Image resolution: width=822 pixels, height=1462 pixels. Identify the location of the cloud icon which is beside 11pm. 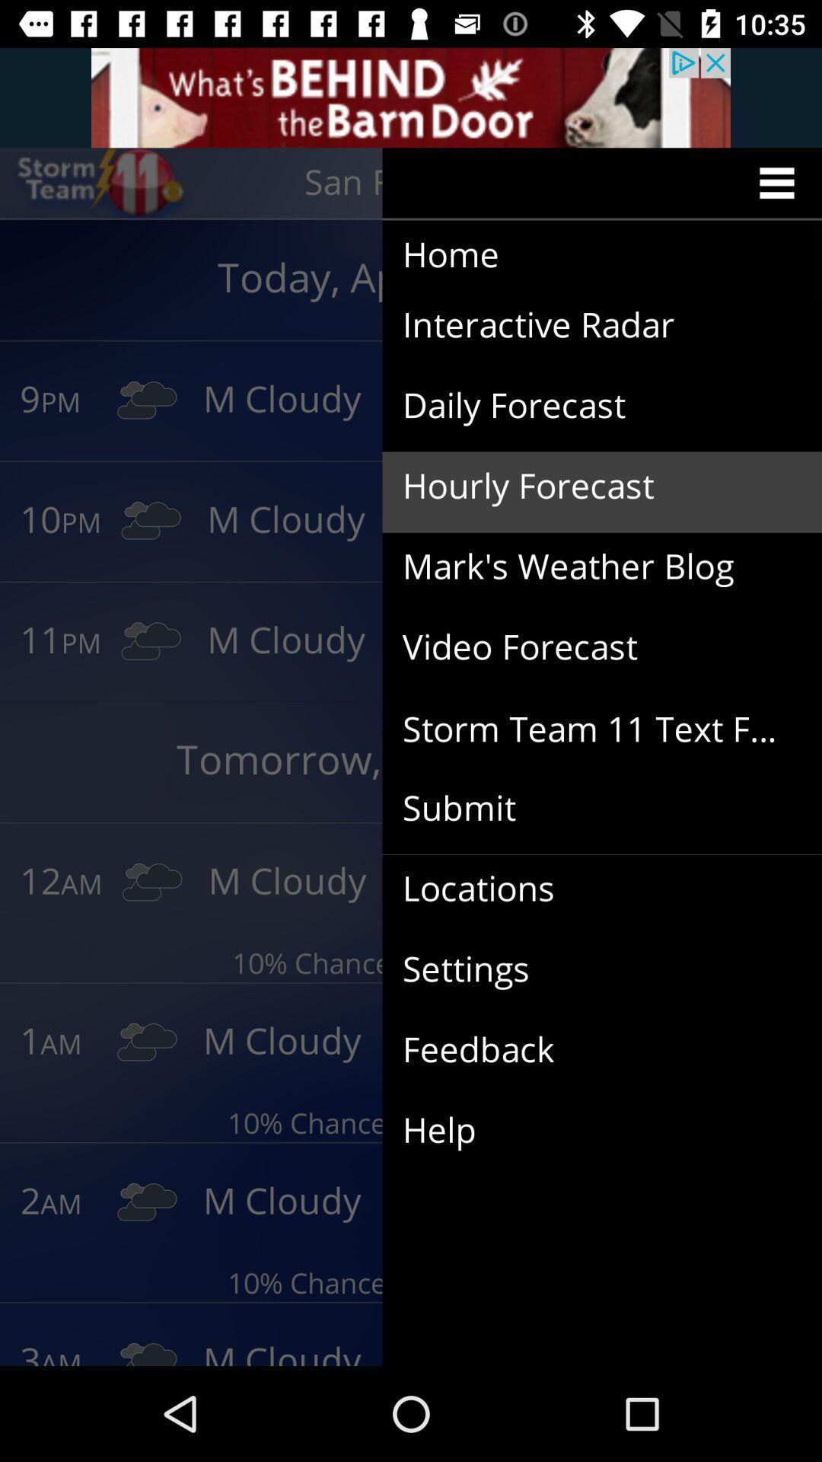
(151, 641).